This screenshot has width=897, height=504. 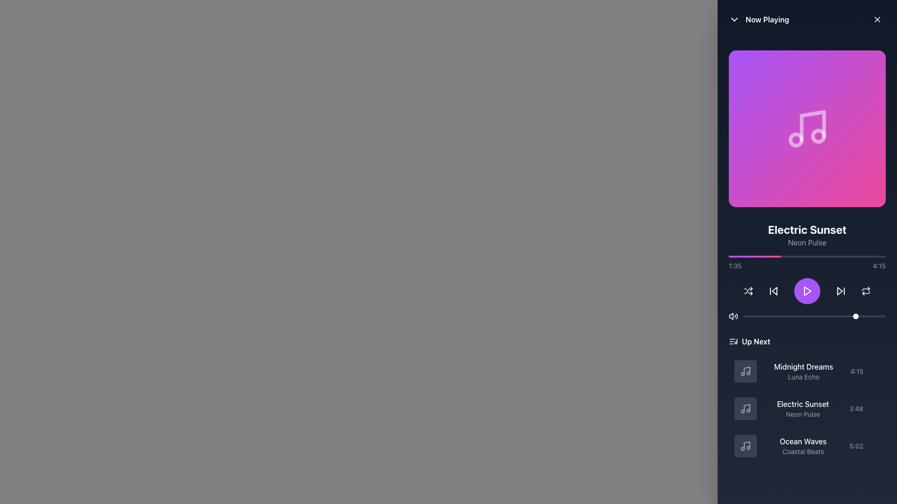 I want to click on the text label displaying the title 'Electric Sunset' and subtitle 'Neon Pulse', which is prominently located near the center of the right panel below the large music note artwork, so click(x=807, y=235).